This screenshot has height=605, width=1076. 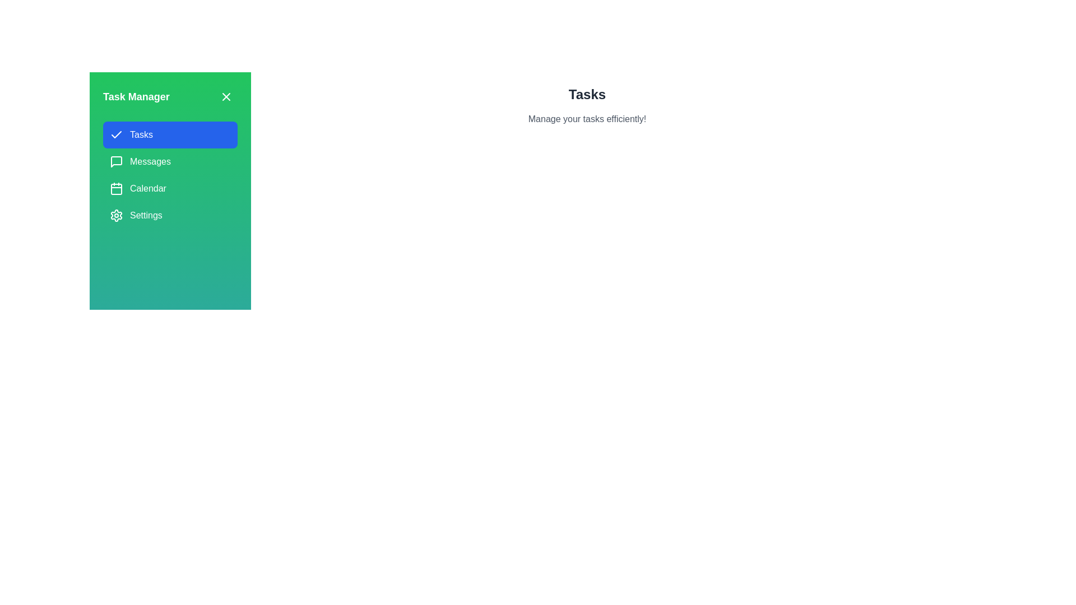 What do you see at coordinates (169, 216) in the screenshot?
I see `the tab named Settings in the TaskManagerDrawer` at bounding box center [169, 216].